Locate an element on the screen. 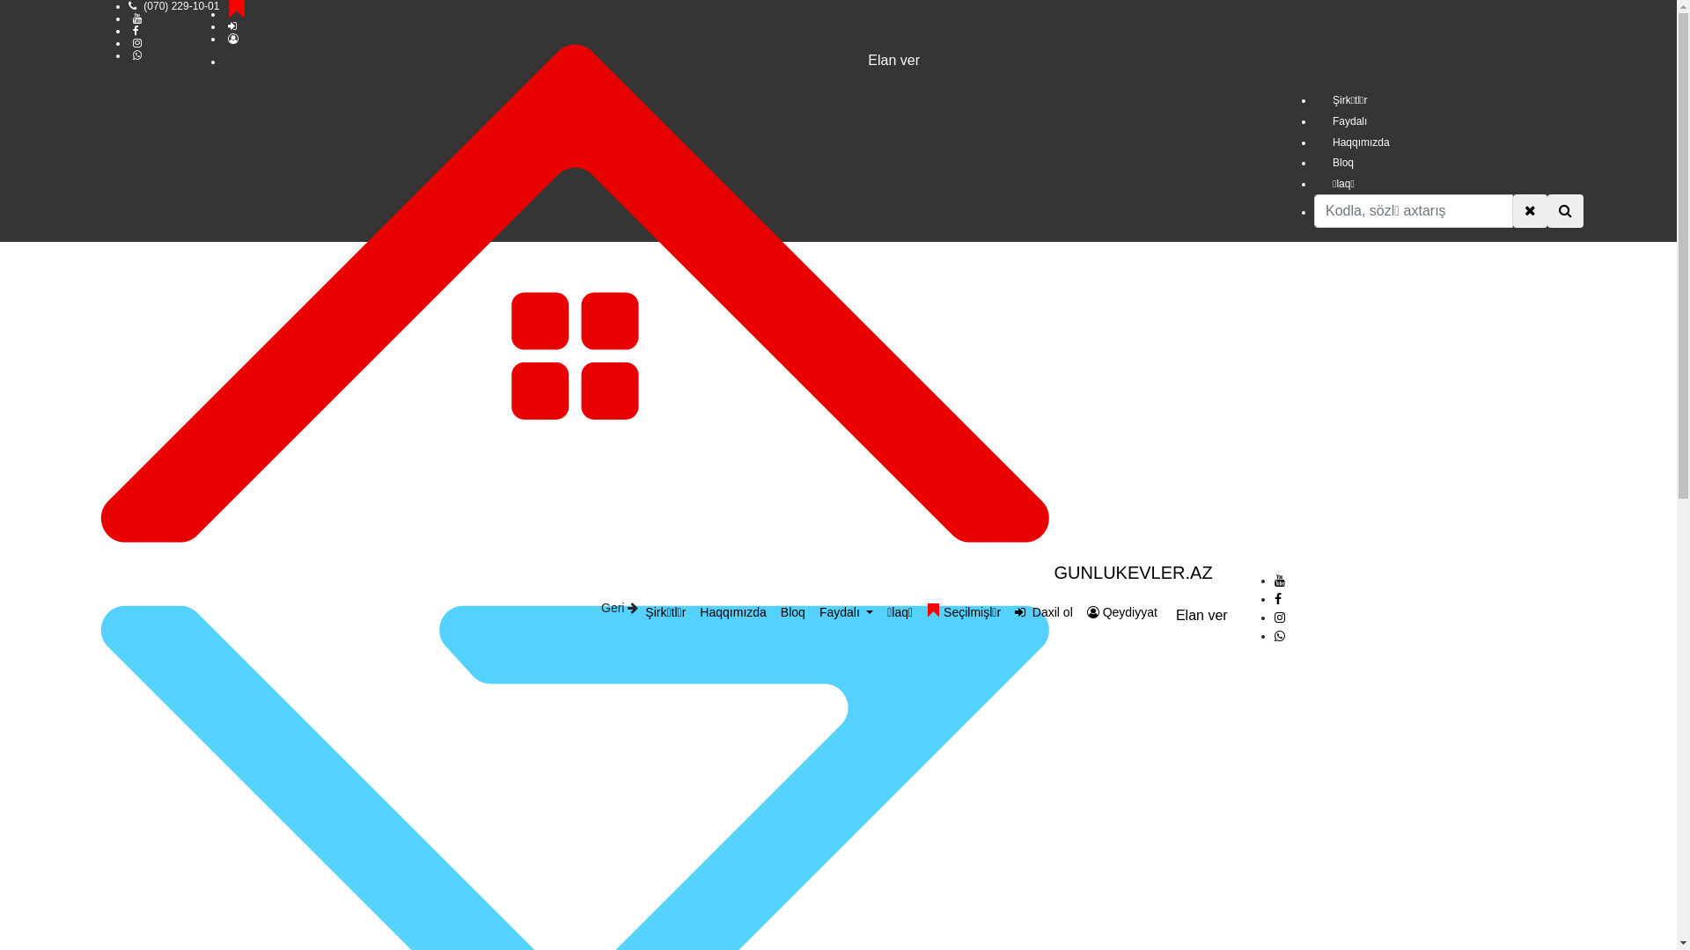  'Youtube' is located at coordinates (1280, 580).